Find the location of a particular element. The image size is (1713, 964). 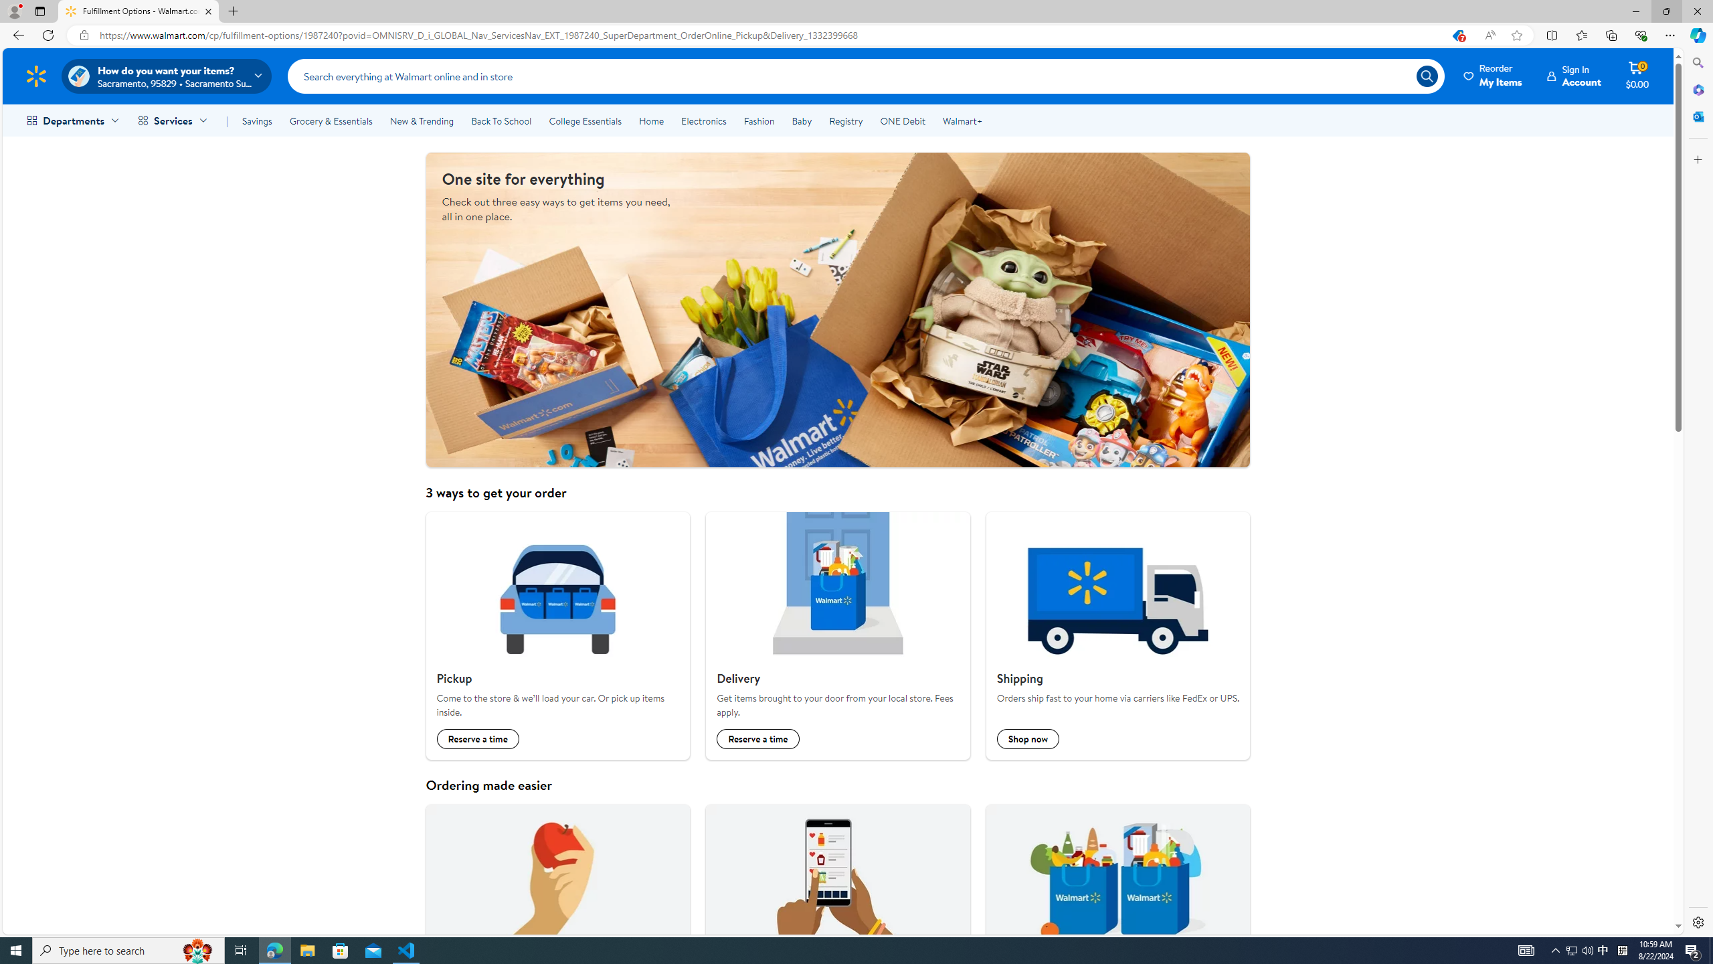

'Sign InAccount' is located at coordinates (1574, 75).